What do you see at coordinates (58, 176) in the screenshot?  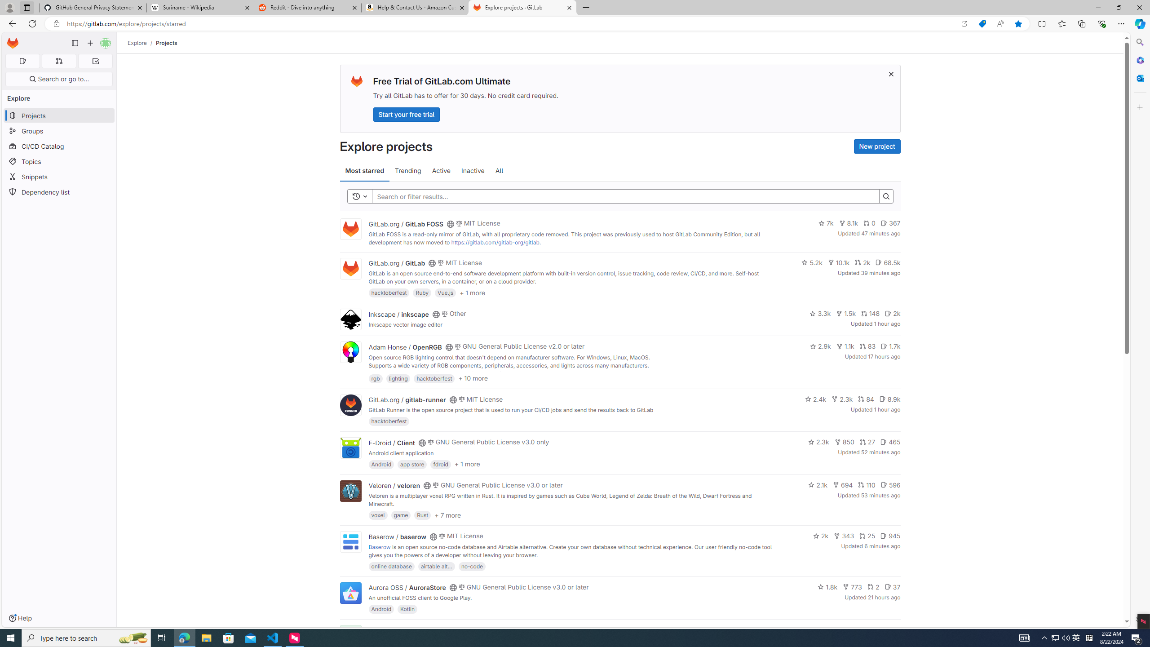 I see `'Snippets'` at bounding box center [58, 176].